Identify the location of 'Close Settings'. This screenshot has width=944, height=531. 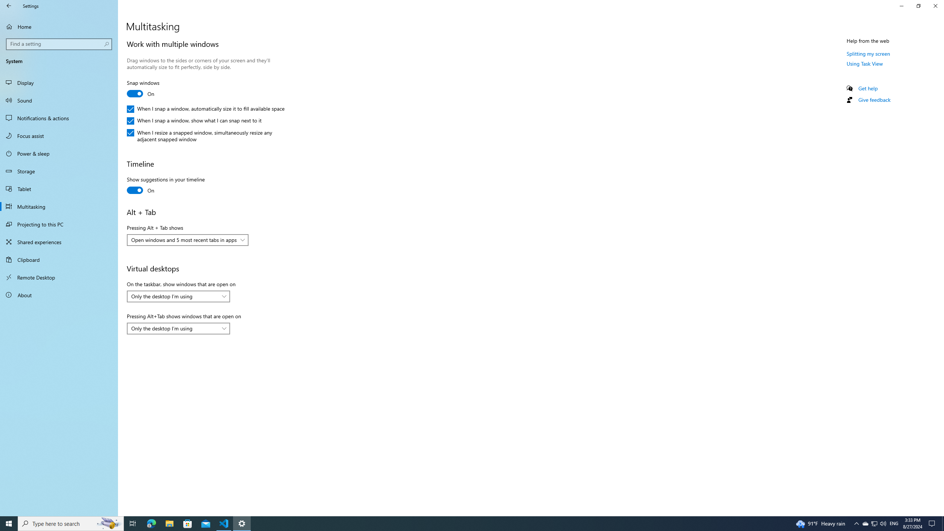
(935, 6).